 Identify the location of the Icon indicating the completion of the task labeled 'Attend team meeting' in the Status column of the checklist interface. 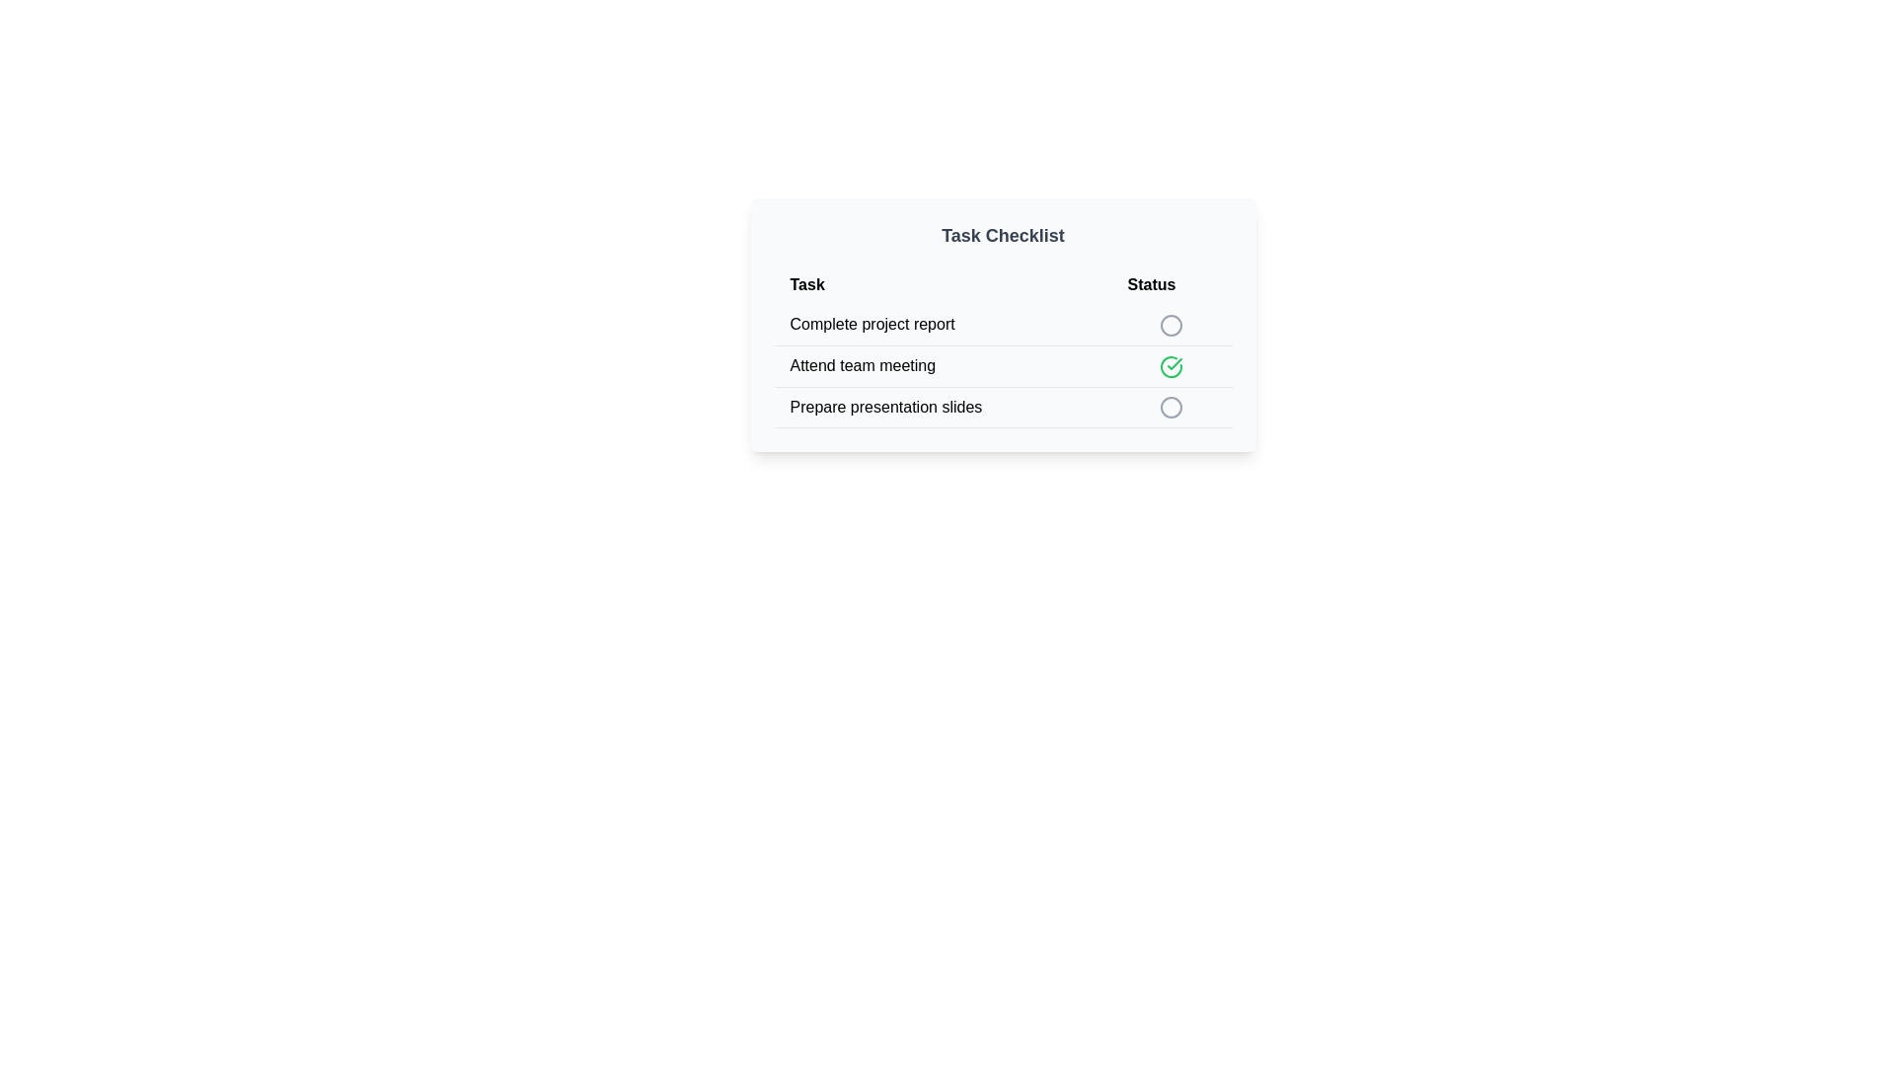
(1172, 366).